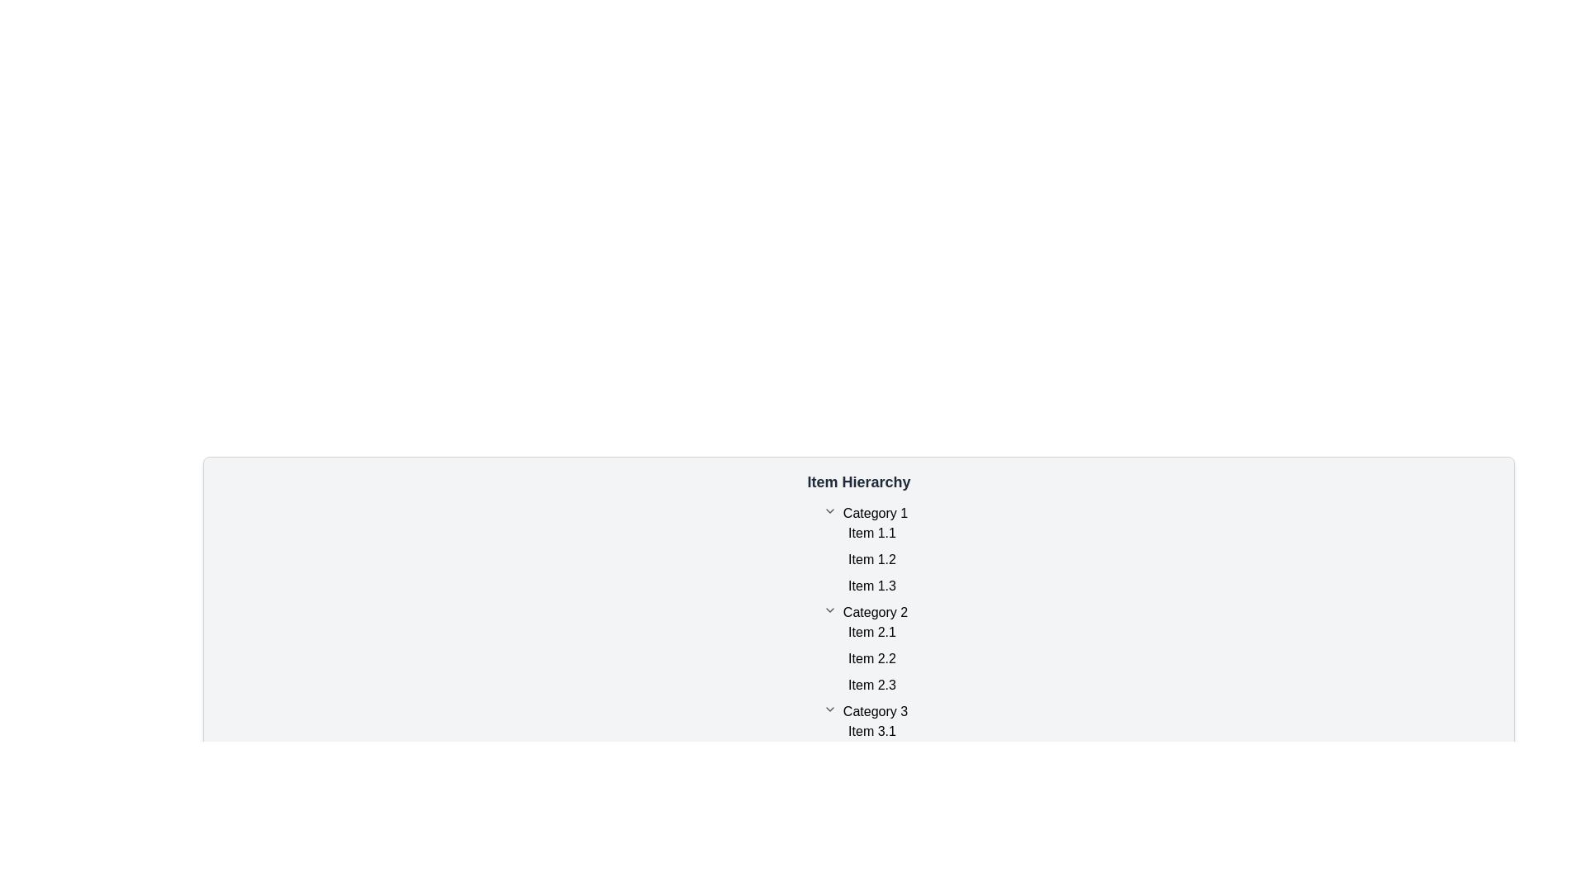 The height and width of the screenshot is (892, 1586). Describe the element at coordinates (871, 685) in the screenshot. I see `on the Text Label displaying 'Item 2.3', which is the third item under 'Category 2' in the hierarchical list` at that location.